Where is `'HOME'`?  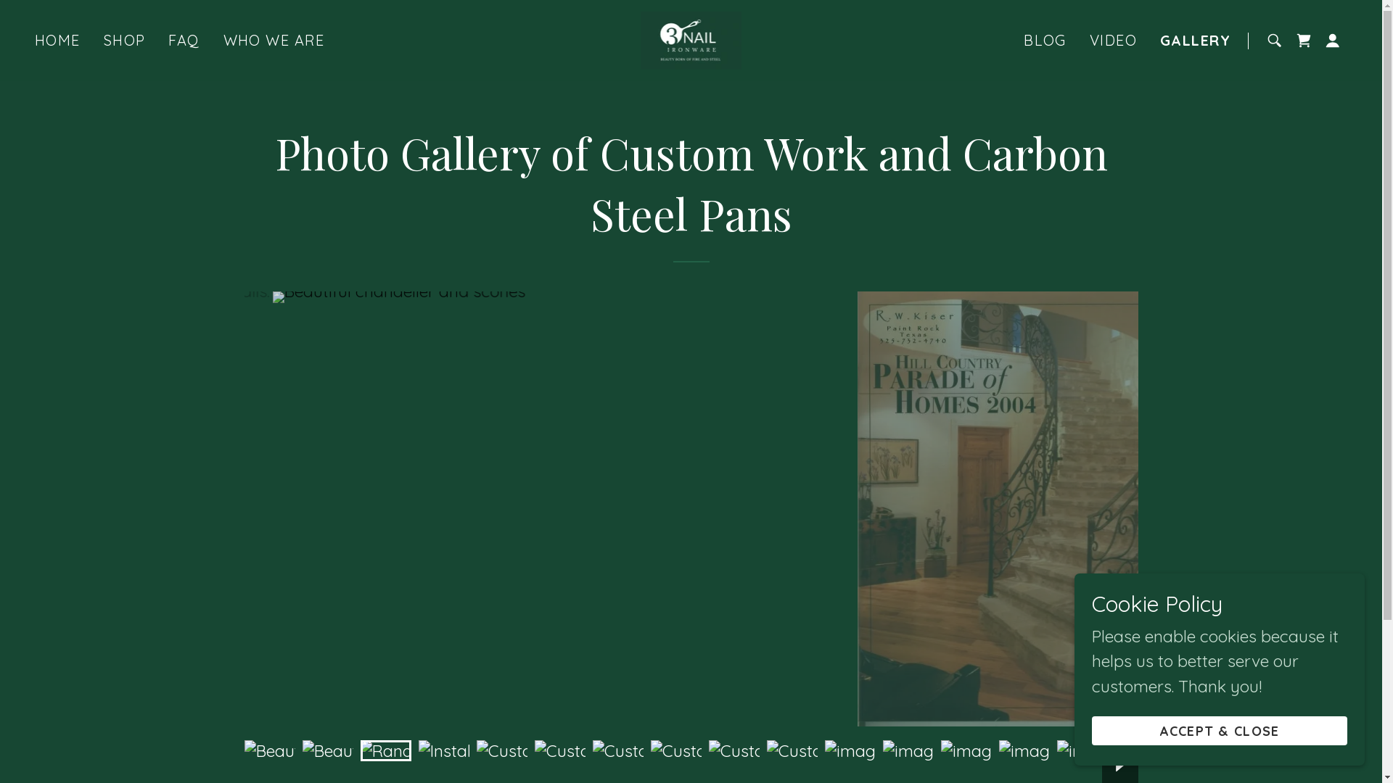 'HOME' is located at coordinates (57, 40).